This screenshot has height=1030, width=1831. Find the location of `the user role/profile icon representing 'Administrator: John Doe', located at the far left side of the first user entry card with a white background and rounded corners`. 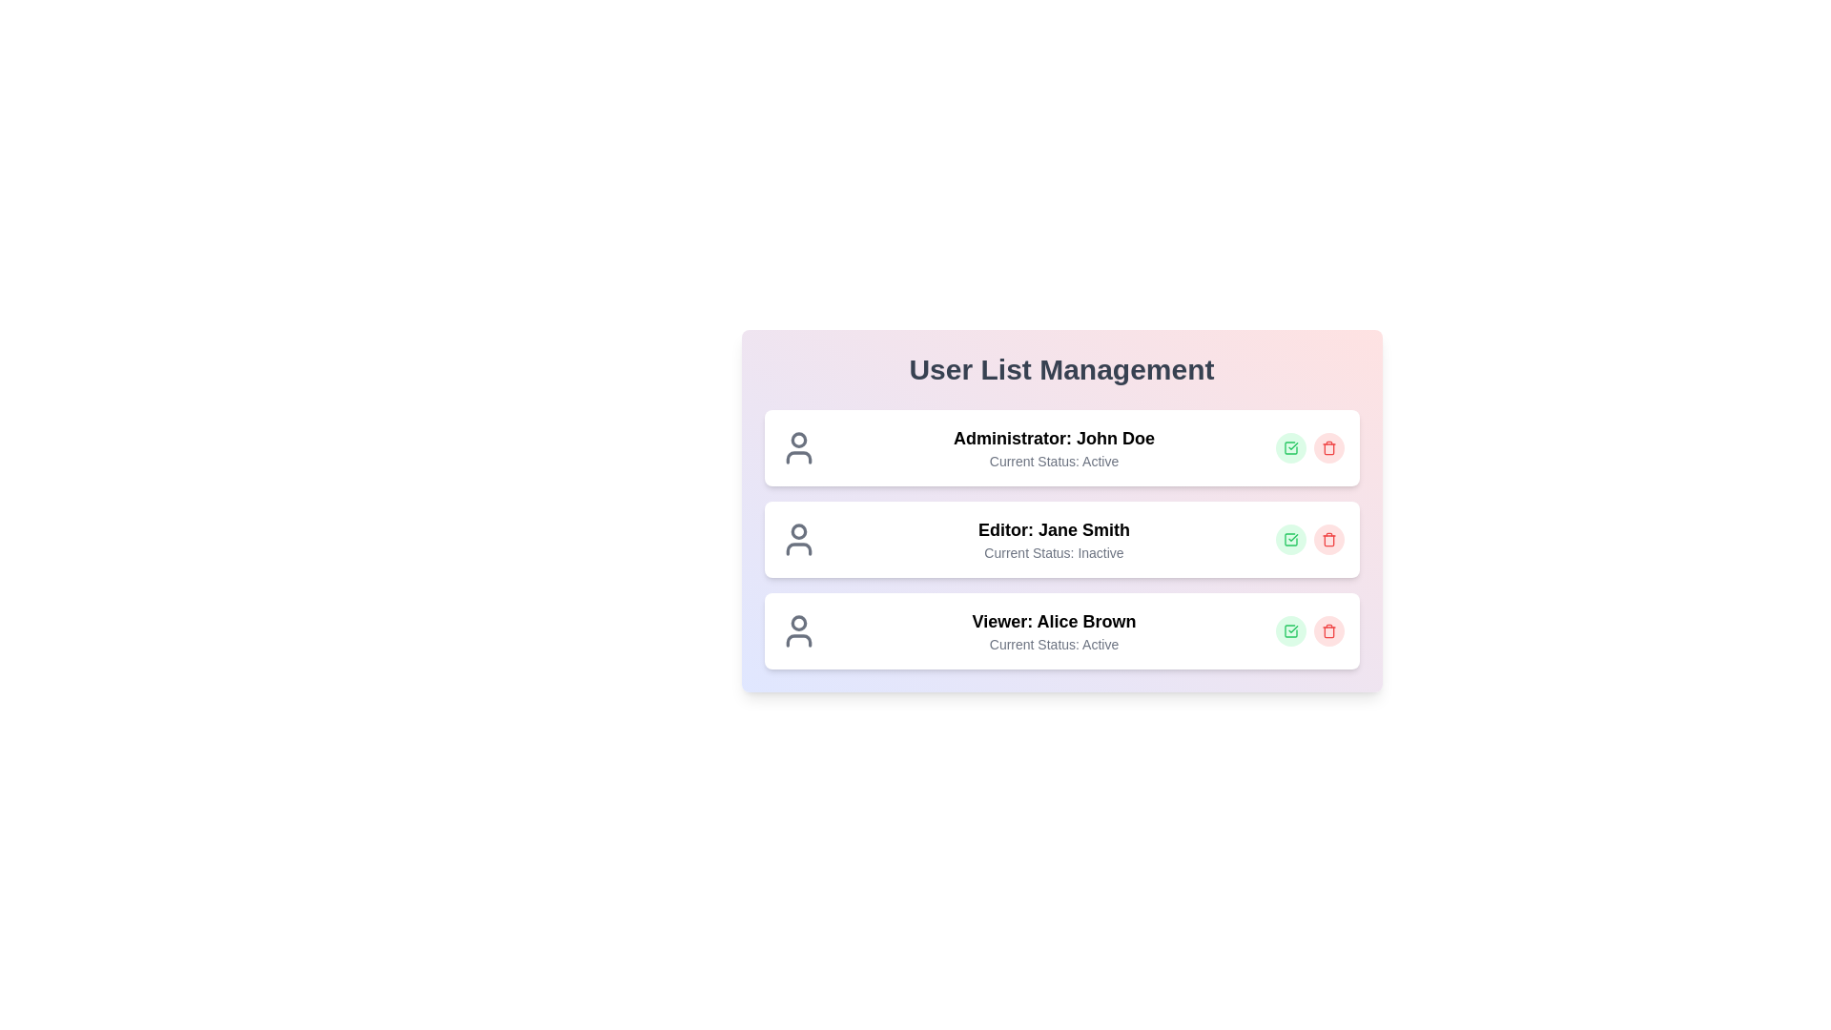

the user role/profile icon representing 'Administrator: John Doe', located at the far left side of the first user entry card with a white background and rounded corners is located at coordinates (798, 448).